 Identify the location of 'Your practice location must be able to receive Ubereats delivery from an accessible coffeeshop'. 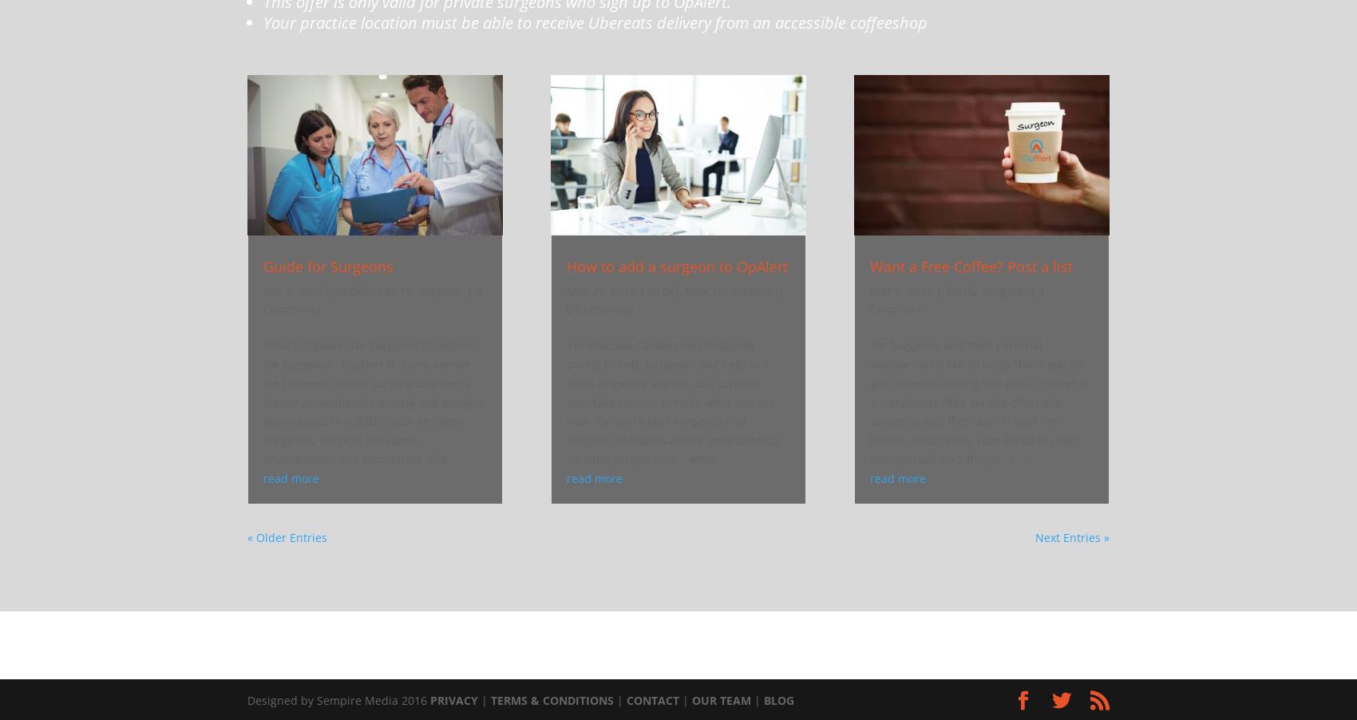
(262, 21).